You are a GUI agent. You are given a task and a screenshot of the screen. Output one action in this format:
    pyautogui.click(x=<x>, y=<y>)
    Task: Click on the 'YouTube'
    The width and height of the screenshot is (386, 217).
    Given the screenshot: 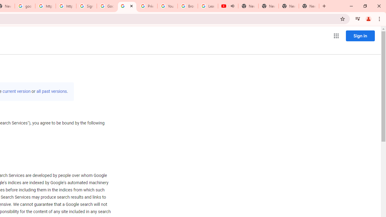 What is the action you would take?
    pyautogui.click(x=167, y=6)
    